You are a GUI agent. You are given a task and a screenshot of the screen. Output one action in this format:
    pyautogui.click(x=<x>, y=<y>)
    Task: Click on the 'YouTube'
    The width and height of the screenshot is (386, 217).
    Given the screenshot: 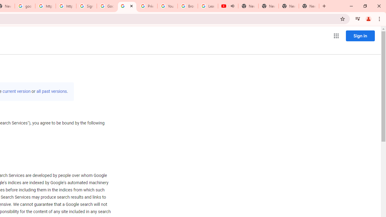 What is the action you would take?
    pyautogui.click(x=167, y=6)
    